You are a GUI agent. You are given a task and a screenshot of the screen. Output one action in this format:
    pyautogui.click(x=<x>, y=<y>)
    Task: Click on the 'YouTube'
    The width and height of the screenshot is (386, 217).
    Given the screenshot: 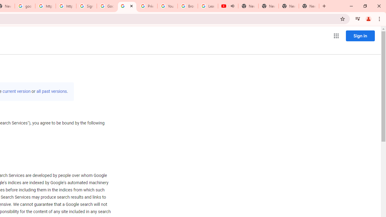 What is the action you would take?
    pyautogui.click(x=167, y=6)
    